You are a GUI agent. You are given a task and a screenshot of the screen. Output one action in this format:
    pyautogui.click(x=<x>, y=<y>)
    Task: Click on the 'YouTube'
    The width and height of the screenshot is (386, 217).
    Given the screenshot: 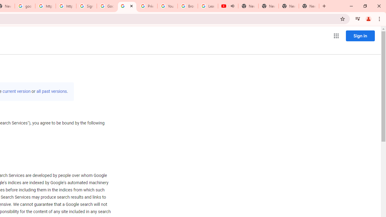 What is the action you would take?
    pyautogui.click(x=167, y=6)
    